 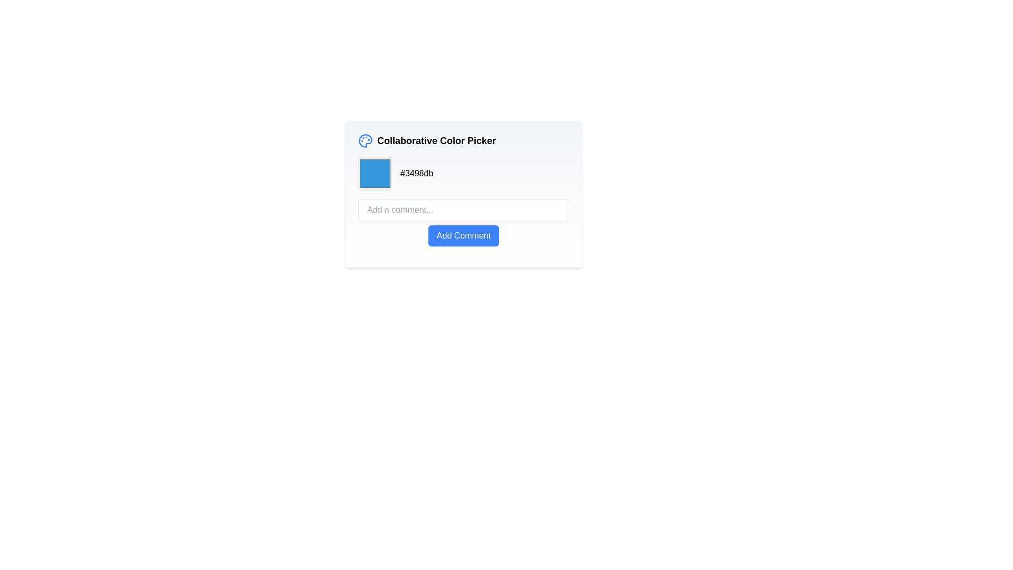 What do you see at coordinates (463, 173) in the screenshot?
I see `the Color Picker Display` at bounding box center [463, 173].